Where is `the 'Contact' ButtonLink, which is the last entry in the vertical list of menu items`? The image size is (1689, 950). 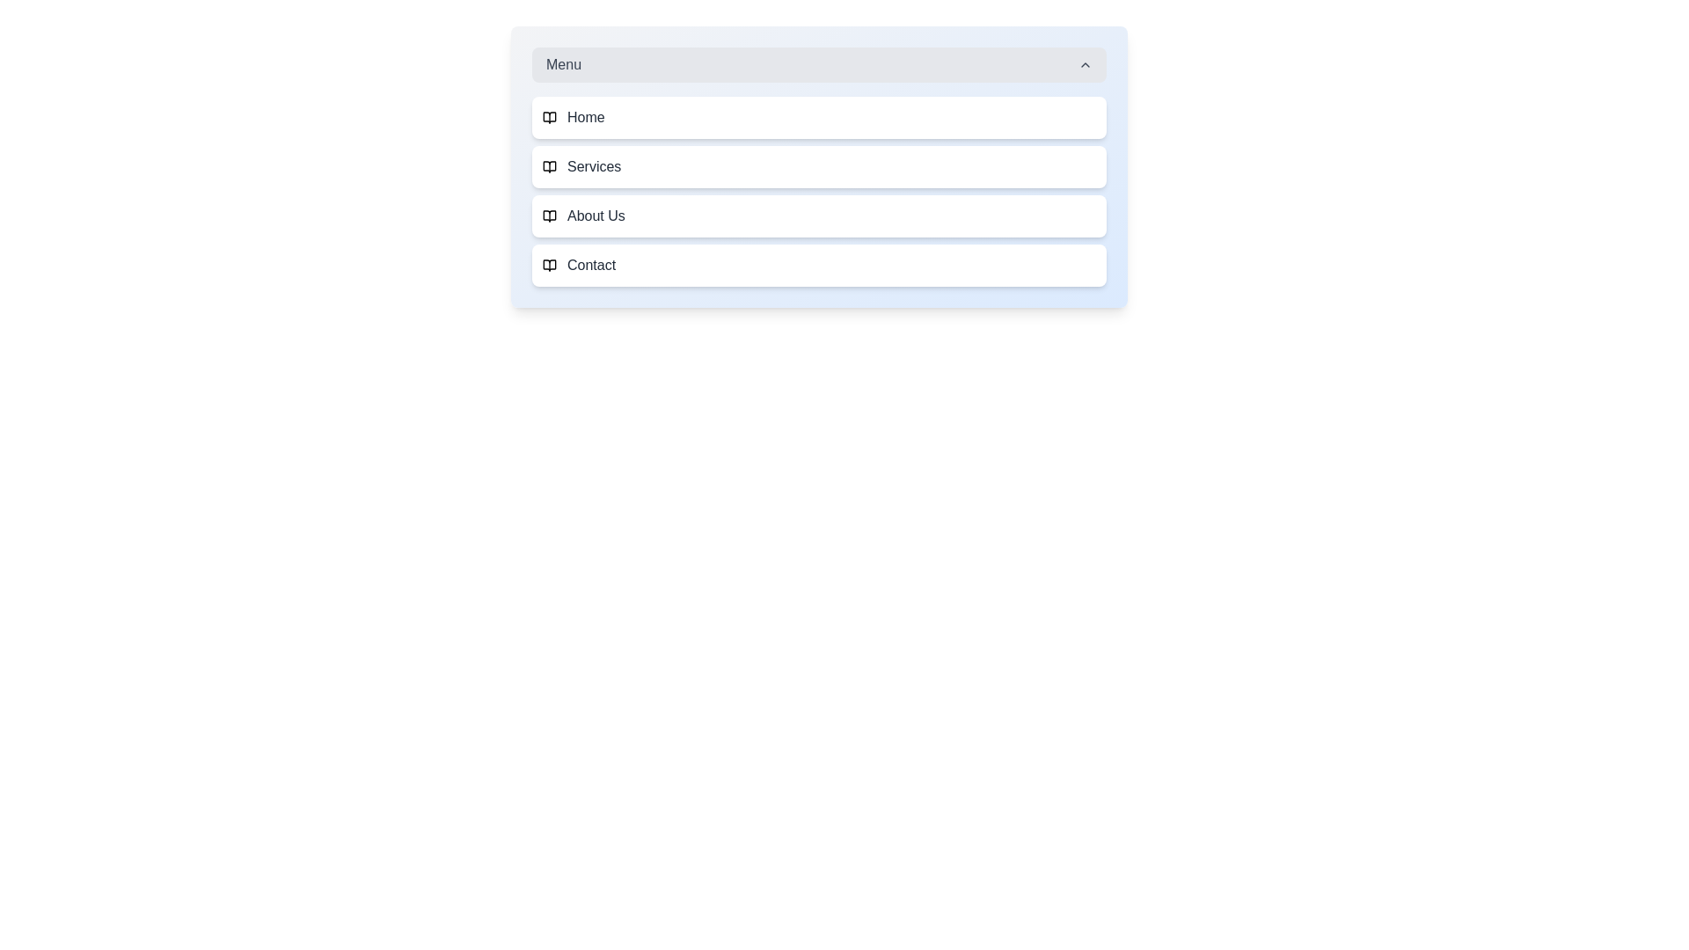
the 'Contact' ButtonLink, which is the last entry in the vertical list of menu items is located at coordinates (818, 265).